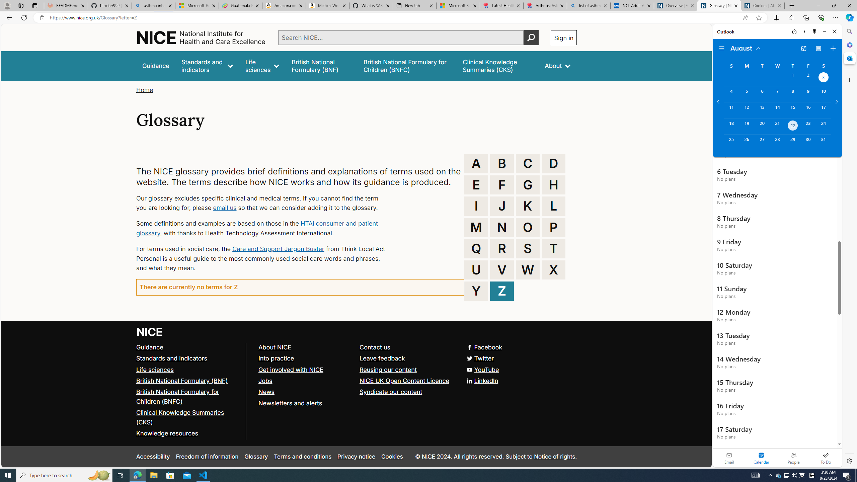 The height and width of the screenshot is (482, 857). What do you see at coordinates (305, 403) in the screenshot?
I see `'Newsletters and alerts'` at bounding box center [305, 403].